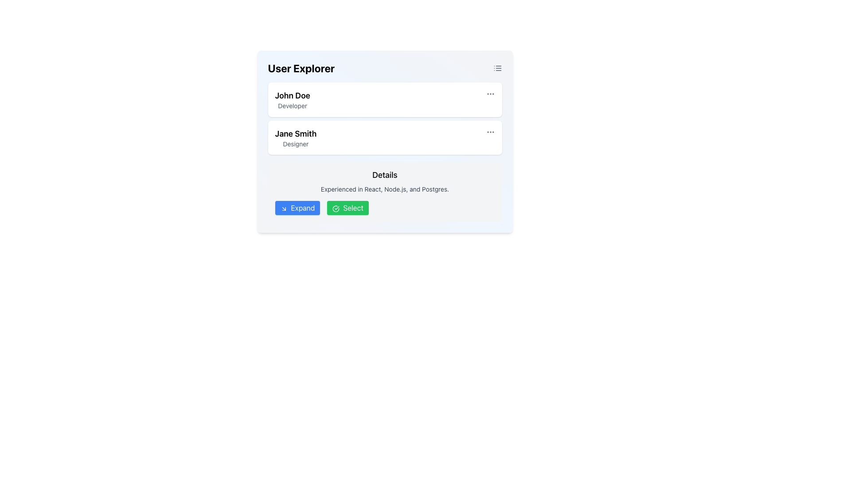 This screenshot has height=479, width=851. What do you see at coordinates (385, 175) in the screenshot?
I see `the text element labeled 'Details', which is displayed in bold black font and is centrally located below 'User Explorer' and above smaller descriptive text regarding technical skills` at bounding box center [385, 175].